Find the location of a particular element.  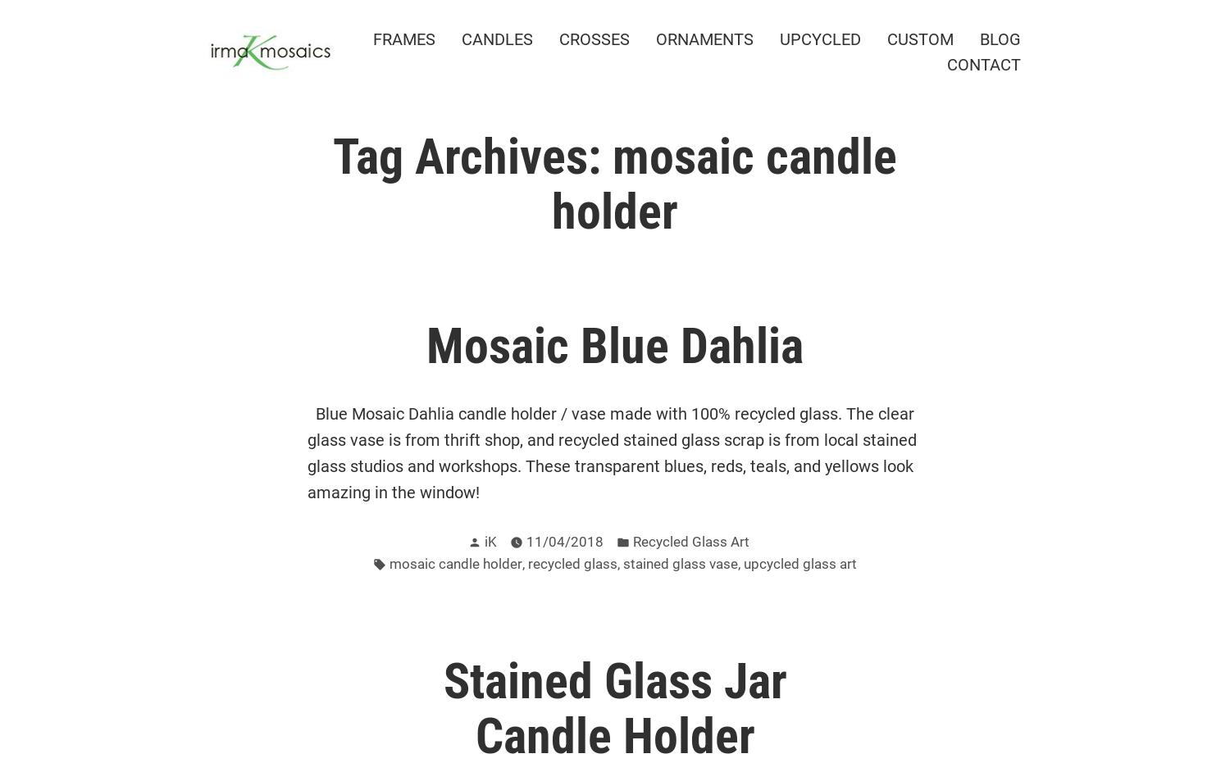

'iK' is located at coordinates (489, 542).